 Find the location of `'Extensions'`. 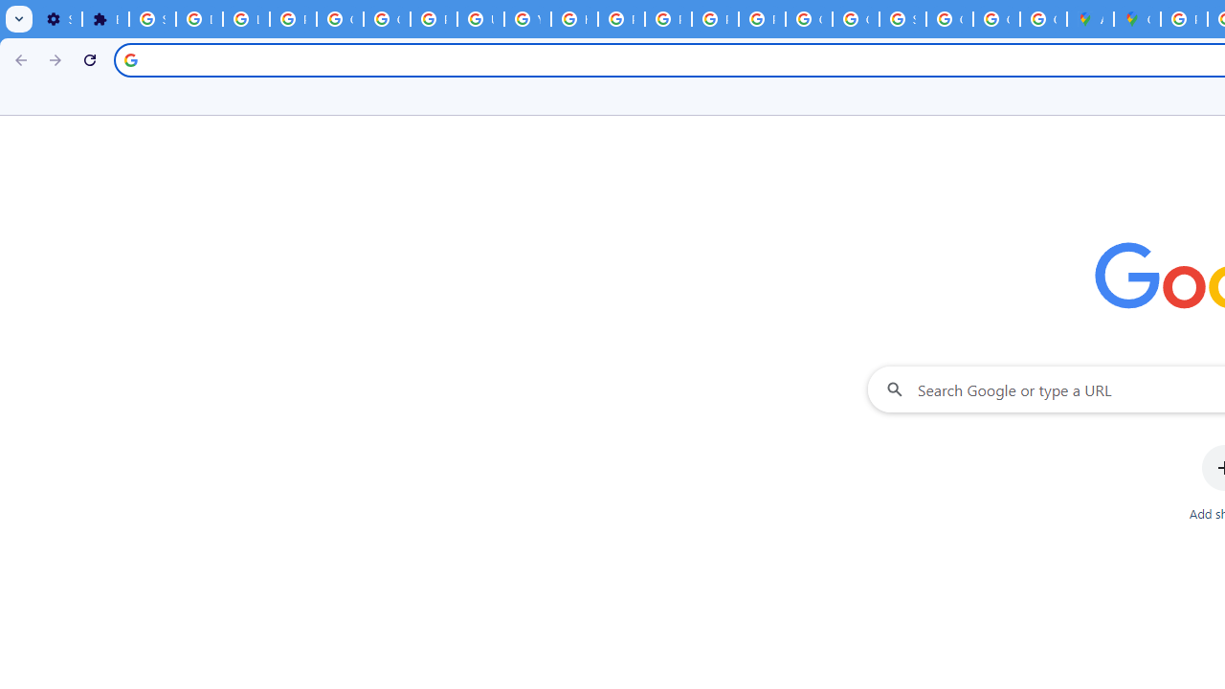

'Extensions' is located at coordinates (104, 19).